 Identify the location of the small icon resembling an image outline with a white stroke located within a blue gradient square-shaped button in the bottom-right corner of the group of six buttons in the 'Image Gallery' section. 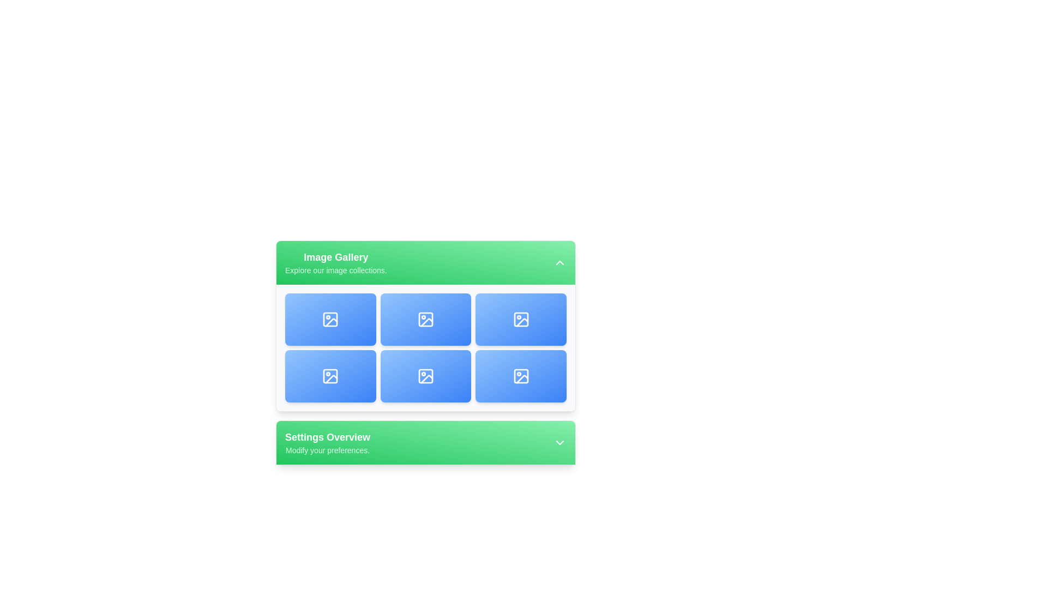
(520, 376).